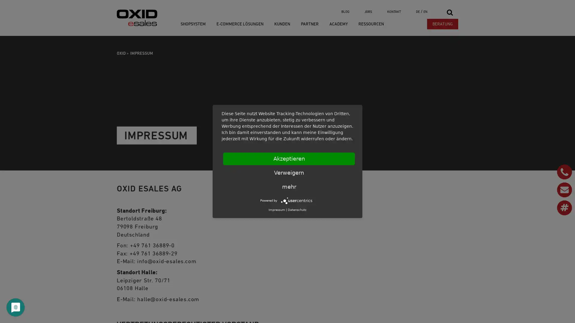 This screenshot has width=575, height=323. I want to click on Verweigern, so click(289, 173).